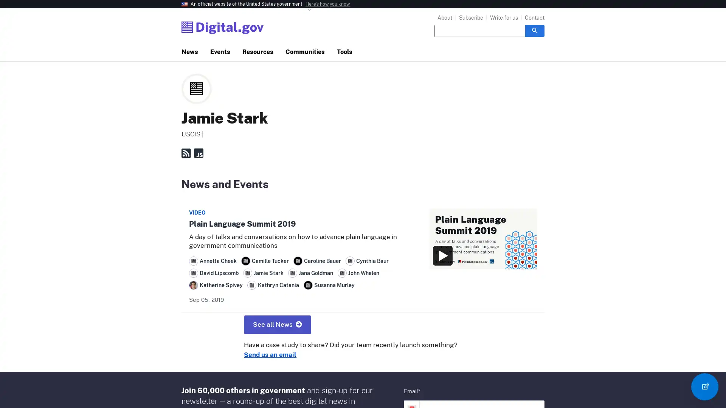 The height and width of the screenshot is (408, 726). I want to click on Search, so click(534, 30).